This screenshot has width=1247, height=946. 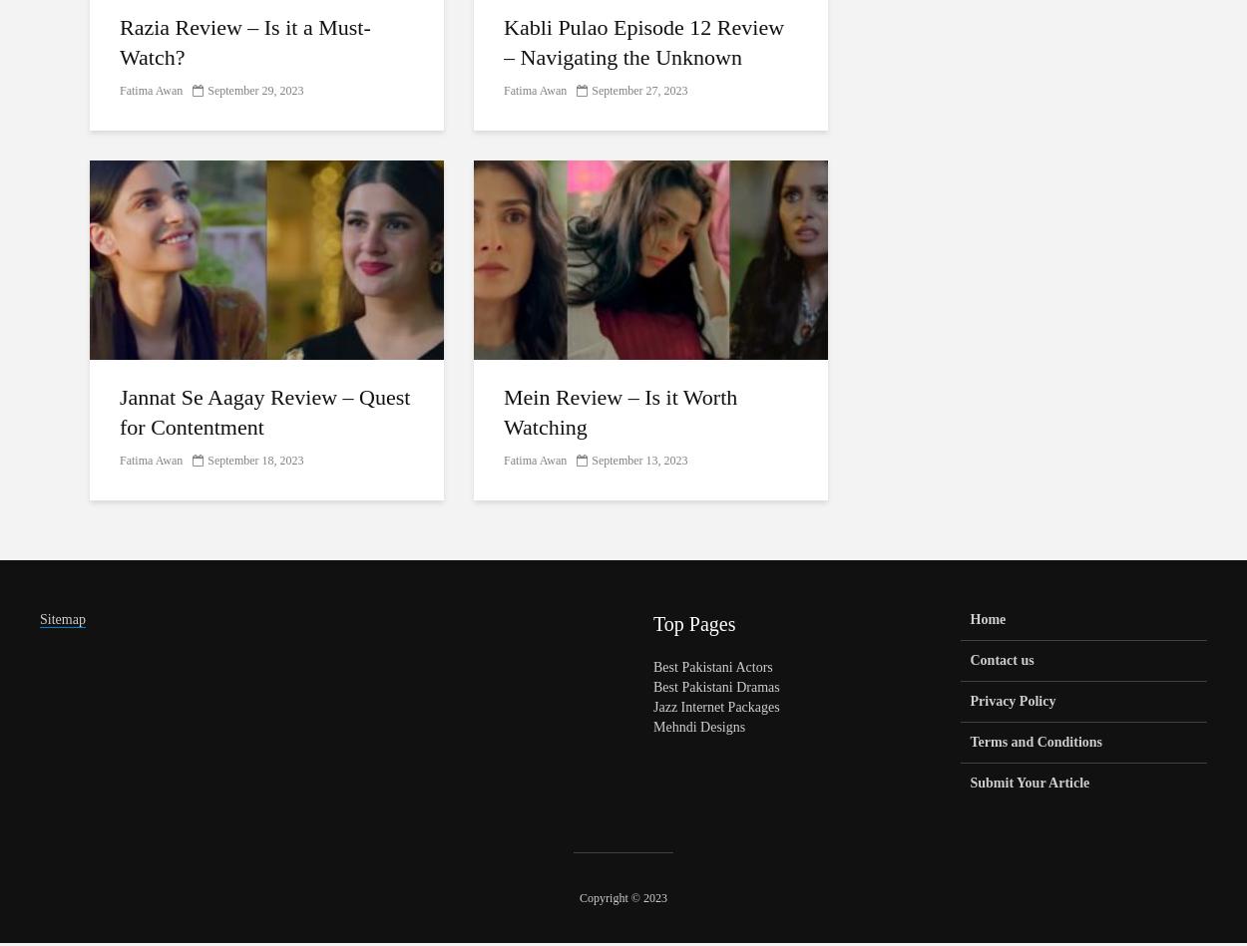 I want to click on 'Copyright © 2023', so click(x=622, y=896).